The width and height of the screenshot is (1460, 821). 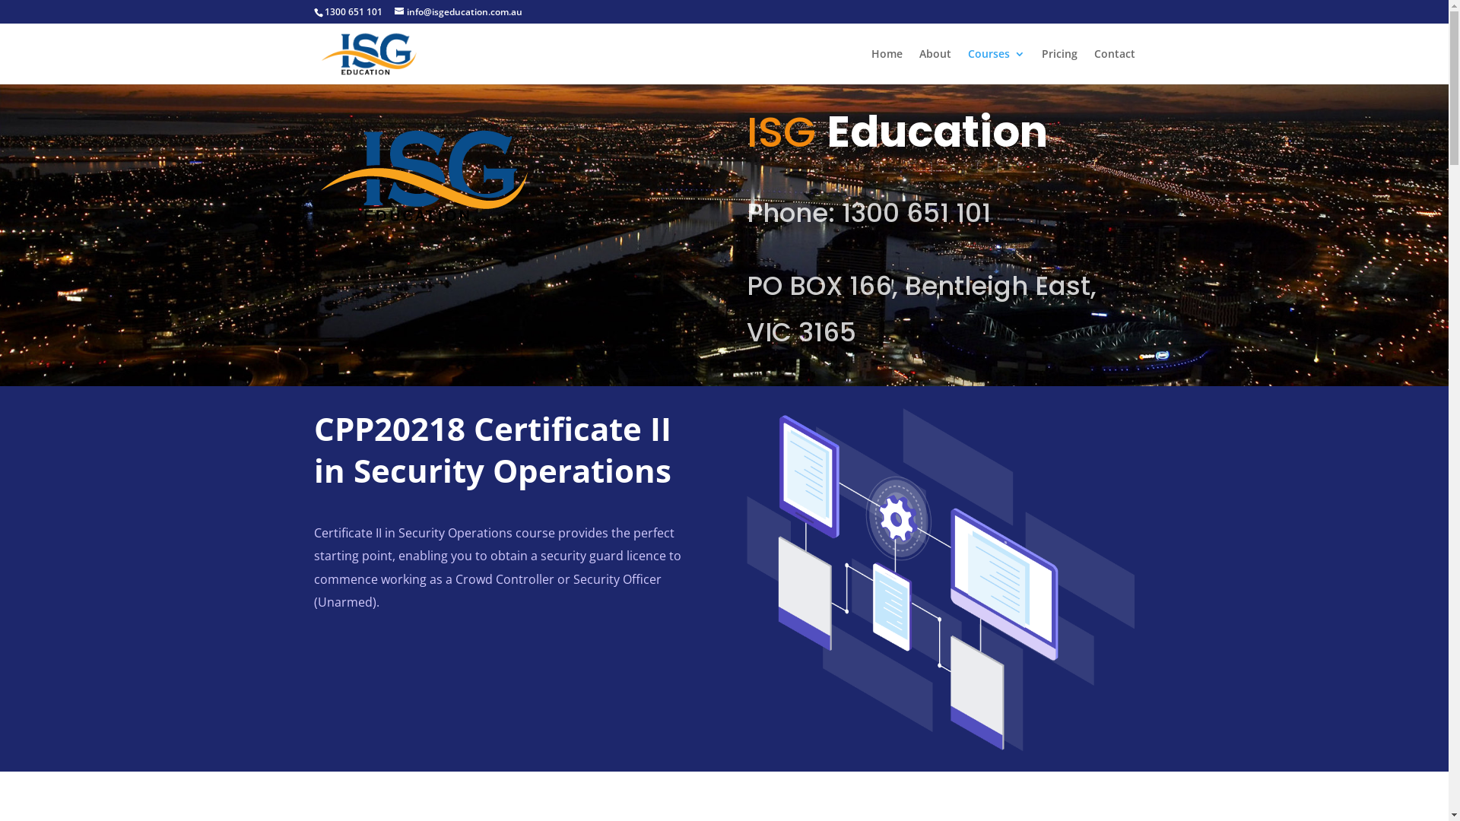 I want to click on 'Pricing', so click(x=1058, y=65).